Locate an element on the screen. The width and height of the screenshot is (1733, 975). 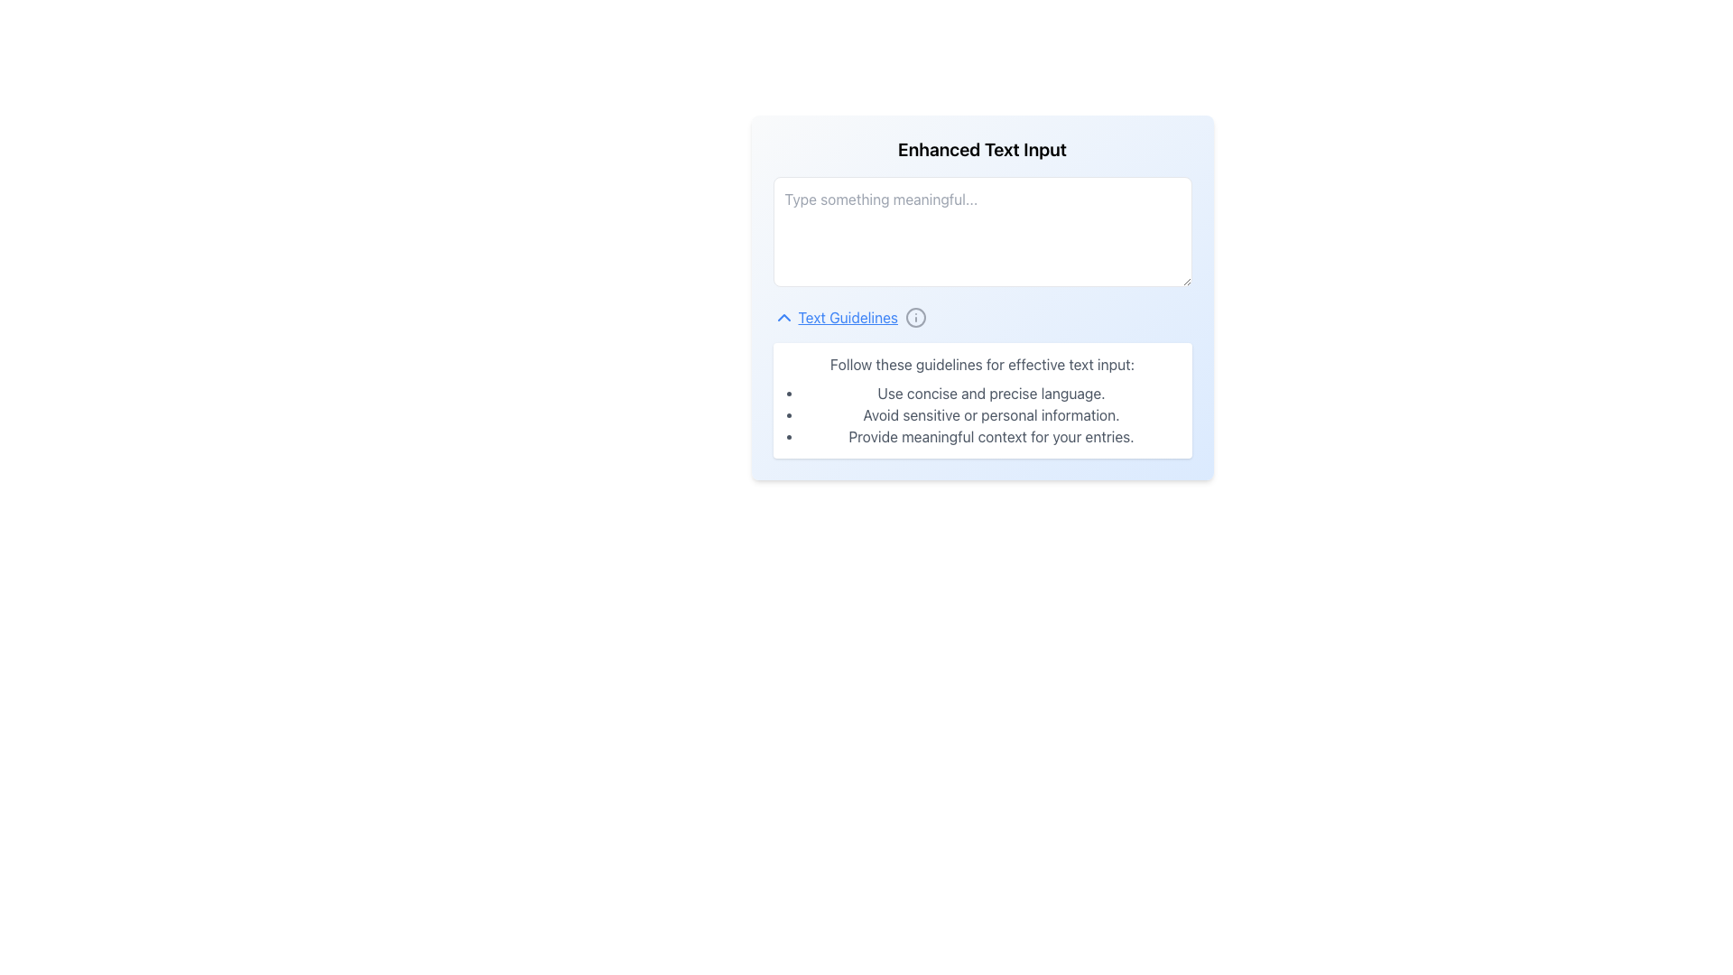
the static text element displaying 'Provide meaningful context for your entries.' which is the third item in the bulleted text guidelines section is located at coordinates (990, 436).